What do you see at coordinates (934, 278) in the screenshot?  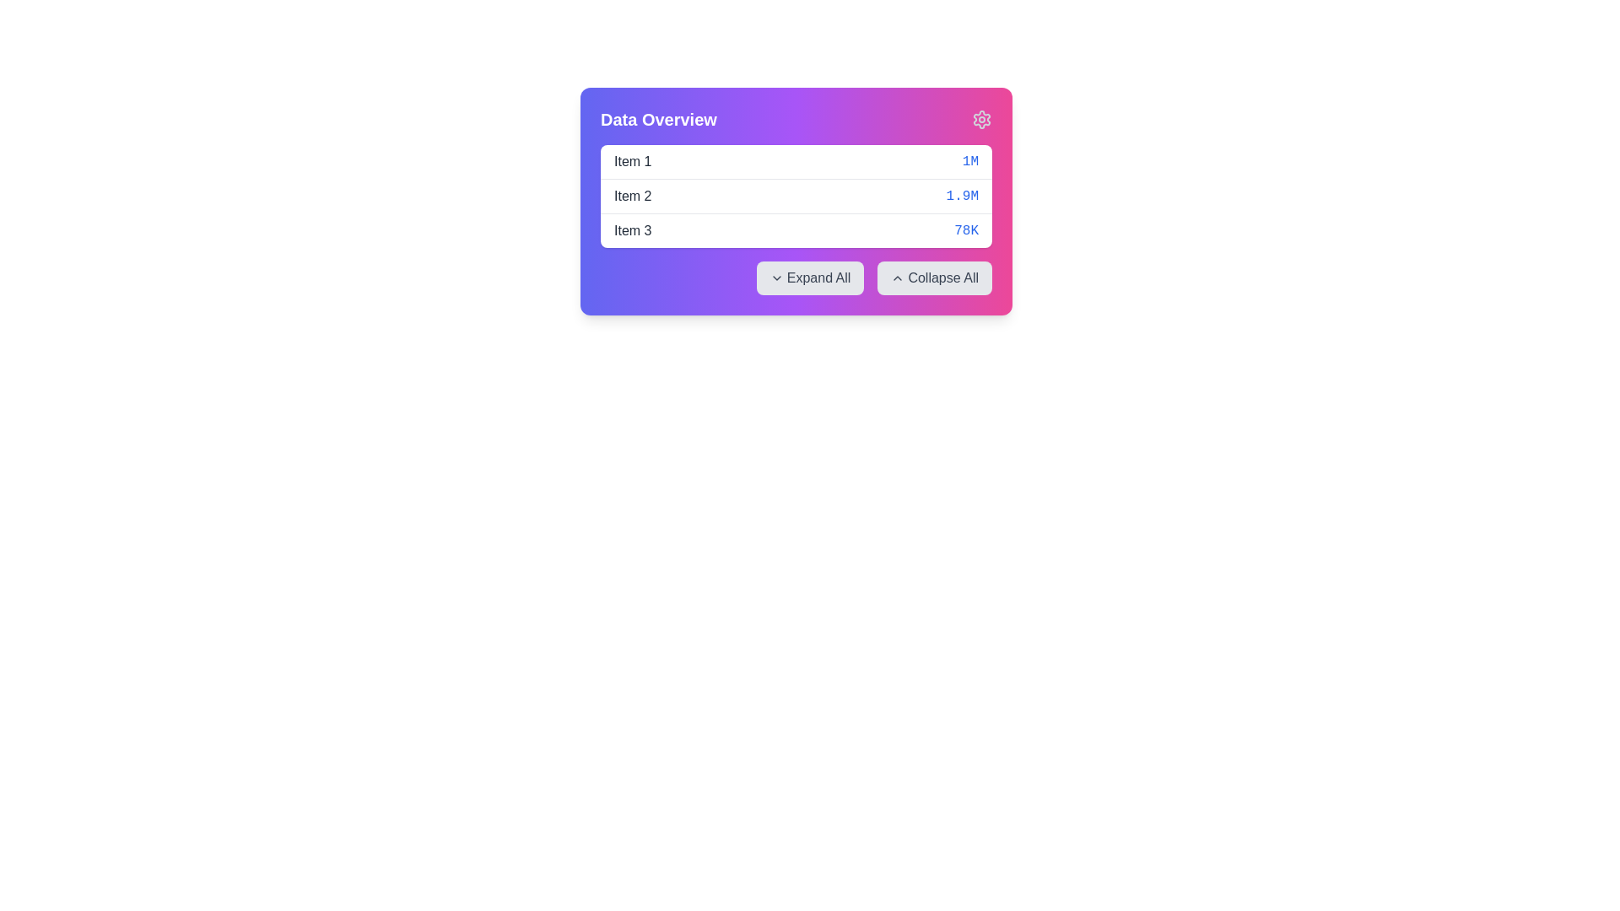 I see `the last button that collapses all expanded sections in the associated interface` at bounding box center [934, 278].